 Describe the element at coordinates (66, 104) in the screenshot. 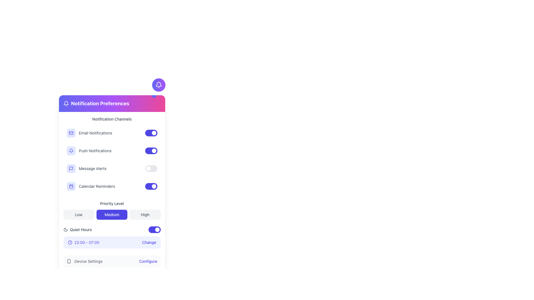

I see `the bell icon with a white outline against a purple background, located to the left of 'Notification Preferences'` at that location.